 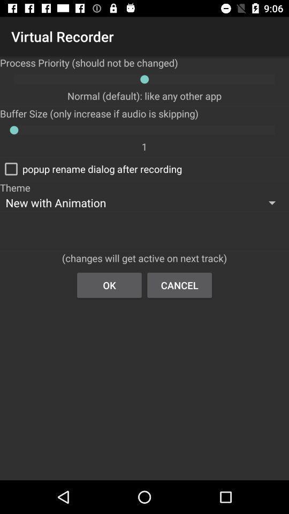 I want to click on the icon to the right of ok icon, so click(x=179, y=284).